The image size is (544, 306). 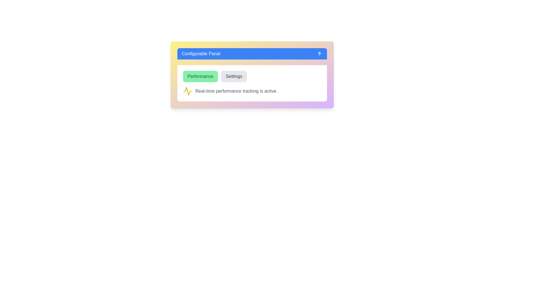 What do you see at coordinates (319, 54) in the screenshot?
I see `the upward arrow icon located on the rightmost side of the header labeled 'Configurable Panel'` at bounding box center [319, 54].